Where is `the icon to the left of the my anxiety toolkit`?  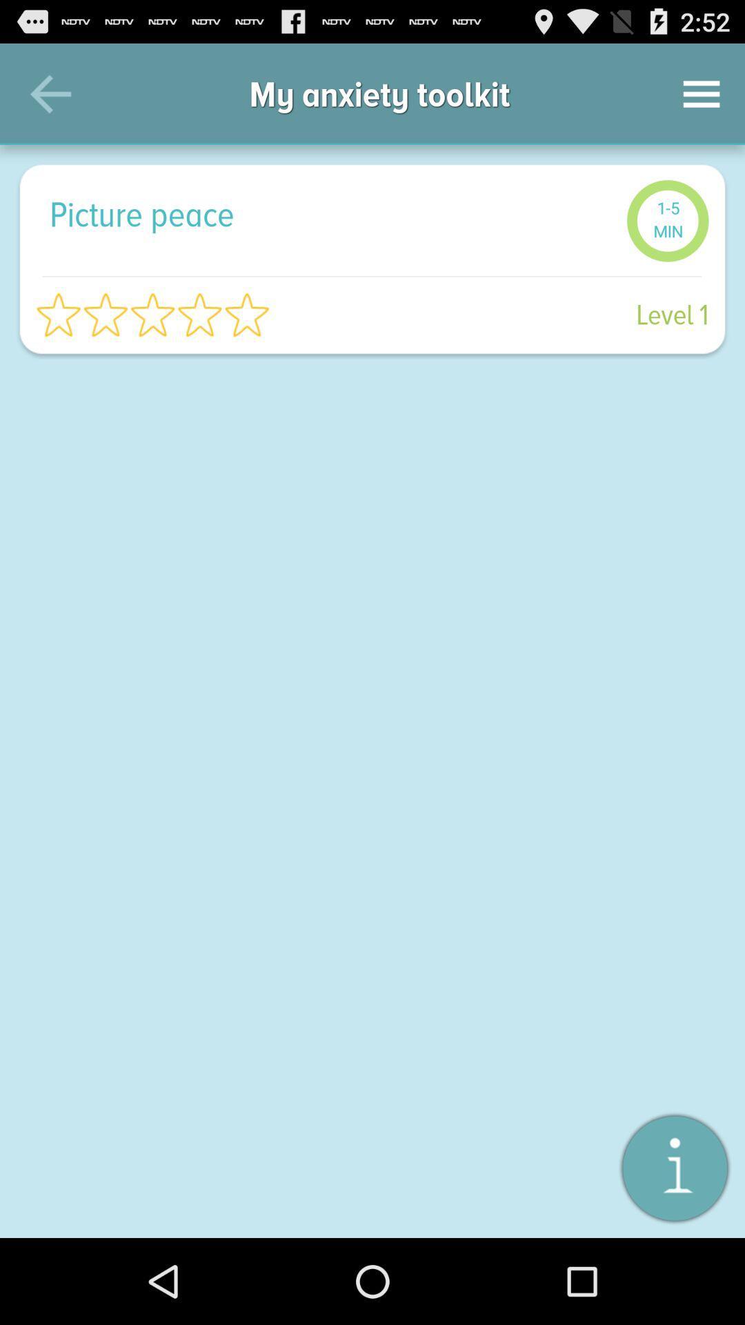
the icon to the left of the my anxiety toolkit is located at coordinates (50, 93).